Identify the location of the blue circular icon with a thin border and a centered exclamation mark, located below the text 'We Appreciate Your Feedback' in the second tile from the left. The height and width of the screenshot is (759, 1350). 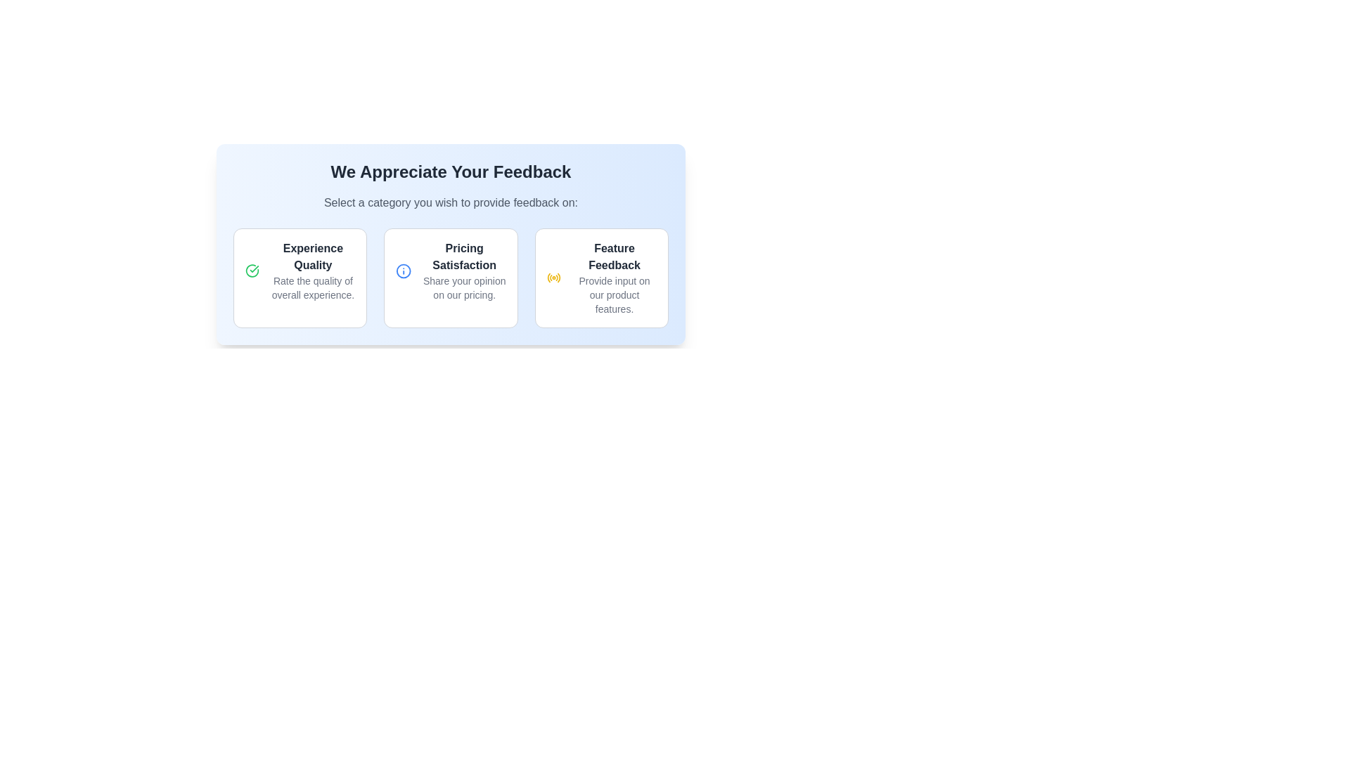
(403, 271).